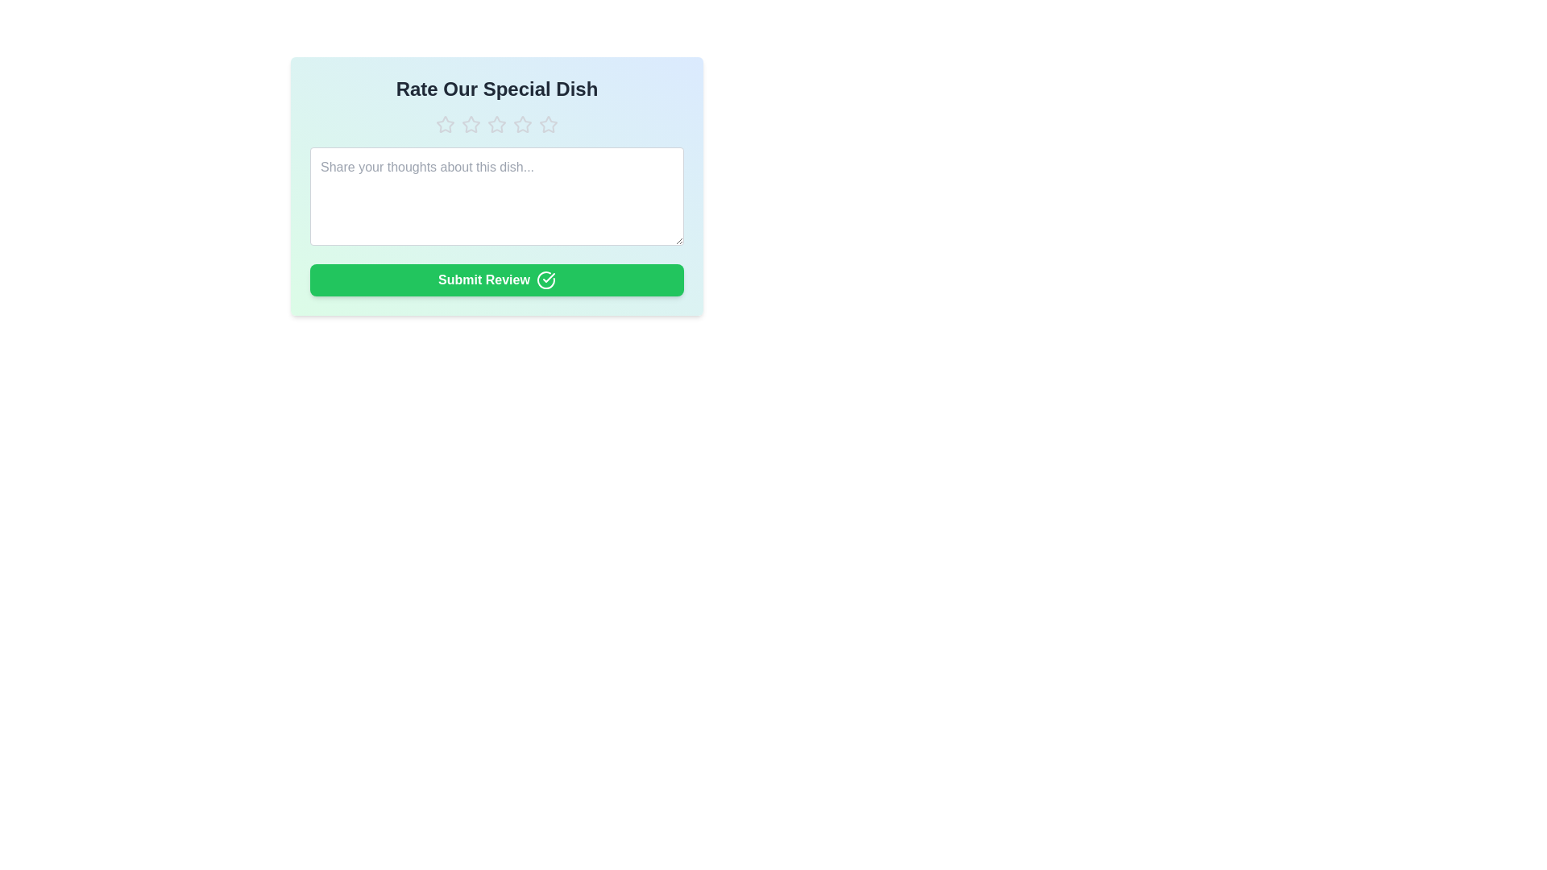  I want to click on the dish rating to 2 stars by clicking on the corresponding star, so click(471, 123).